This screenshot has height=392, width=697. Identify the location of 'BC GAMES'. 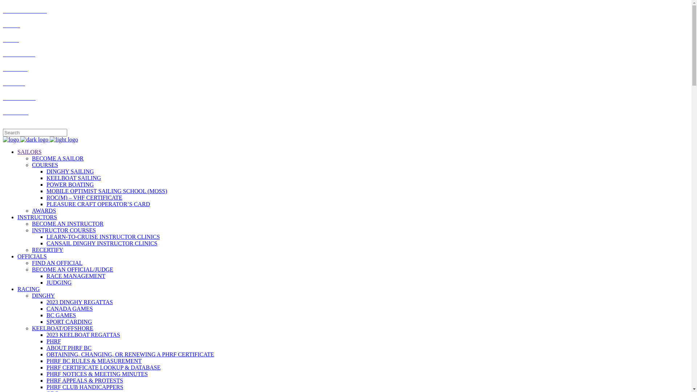
(46, 315).